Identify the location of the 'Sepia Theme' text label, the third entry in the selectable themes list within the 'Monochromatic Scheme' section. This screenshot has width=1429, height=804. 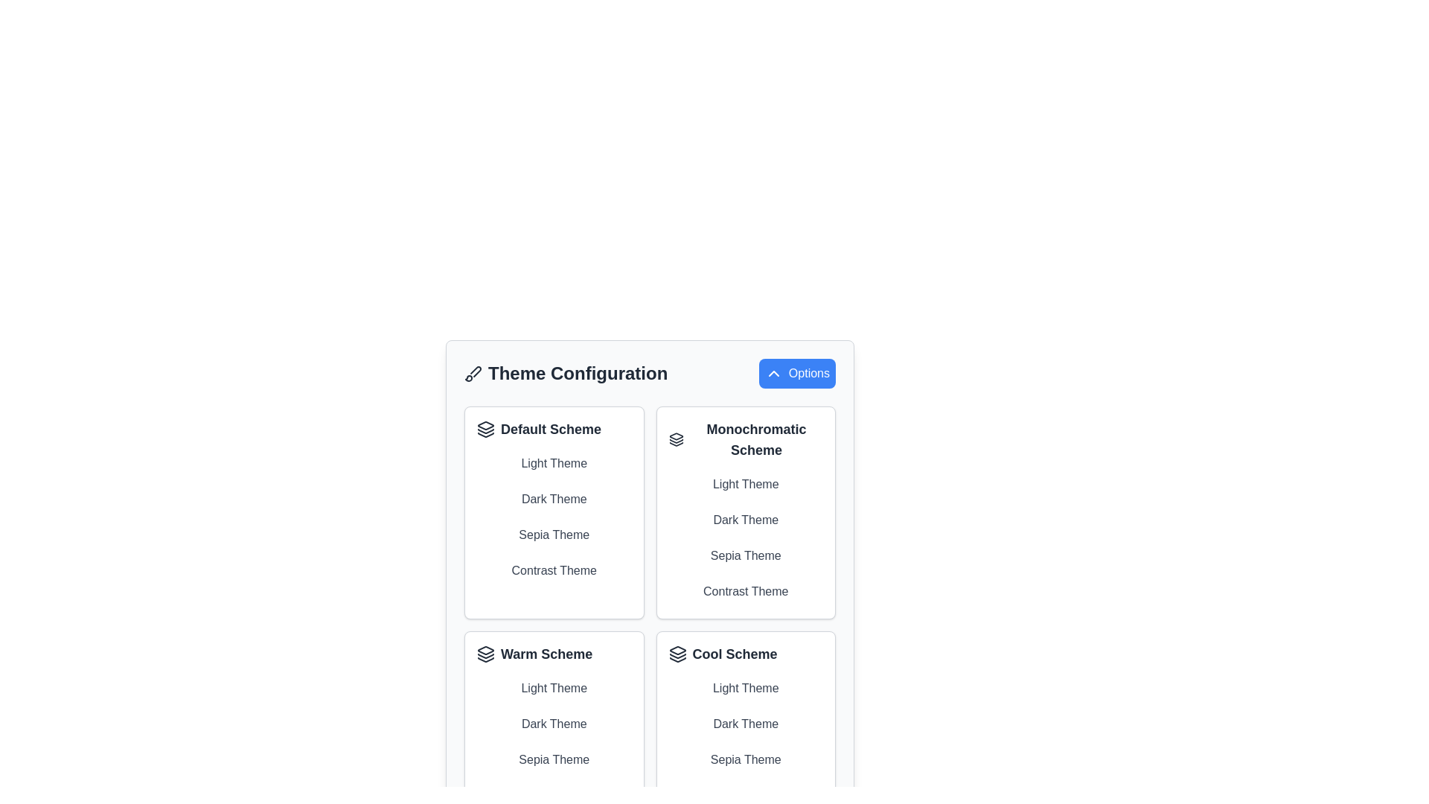
(746, 556).